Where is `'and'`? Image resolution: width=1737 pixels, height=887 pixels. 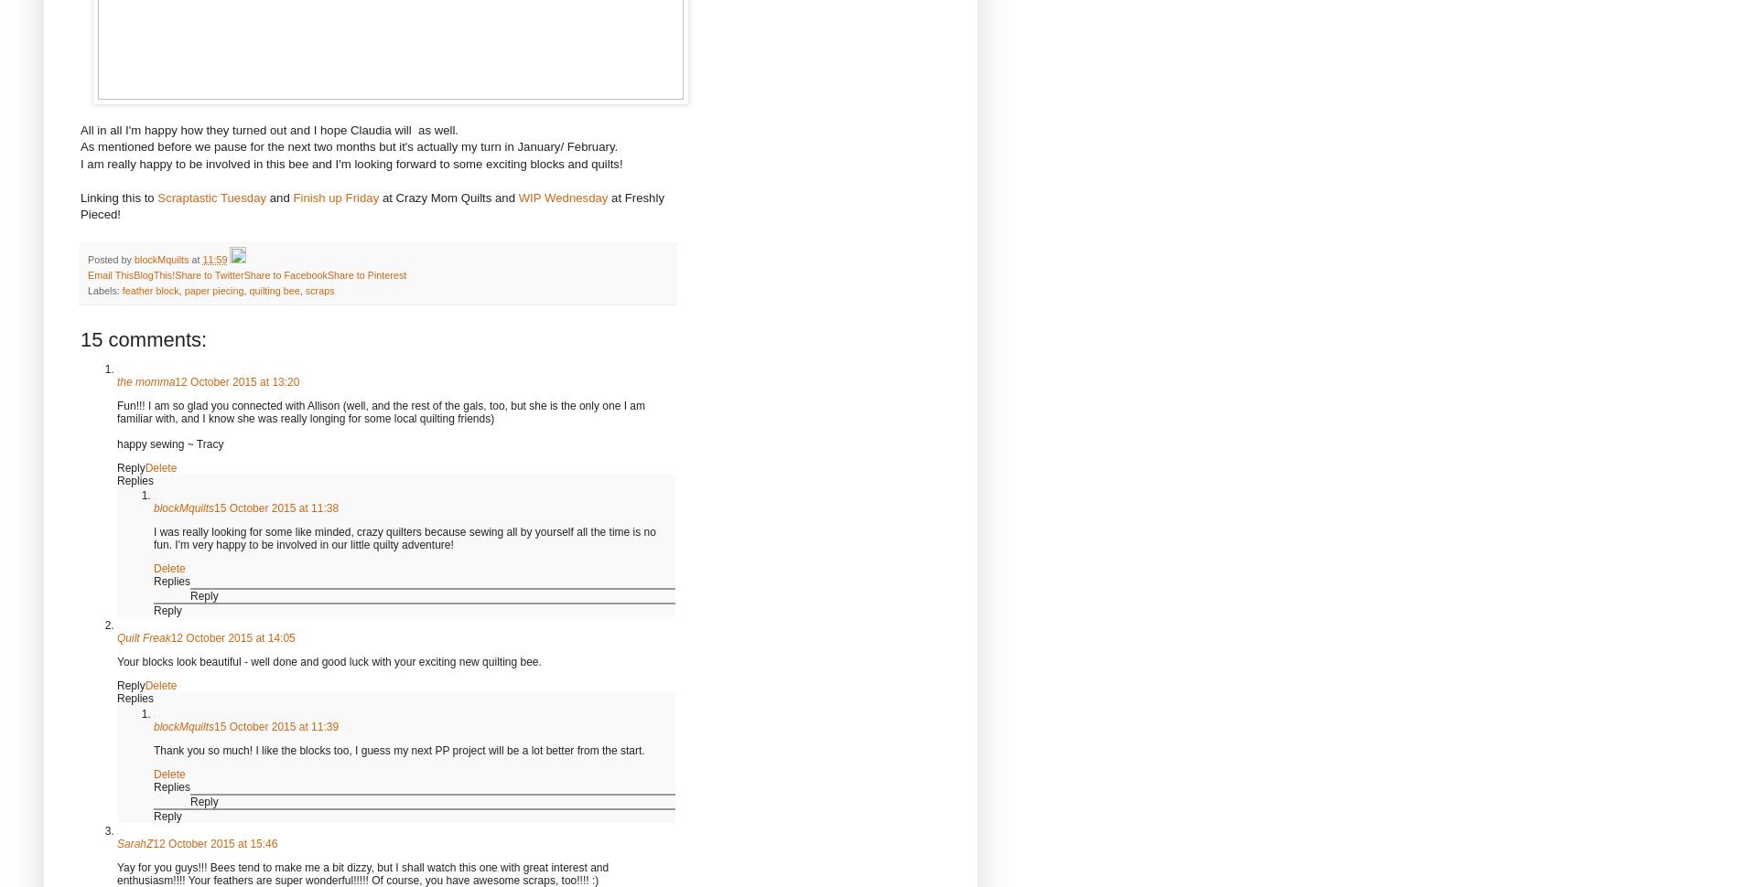 'and' is located at coordinates (264, 197).